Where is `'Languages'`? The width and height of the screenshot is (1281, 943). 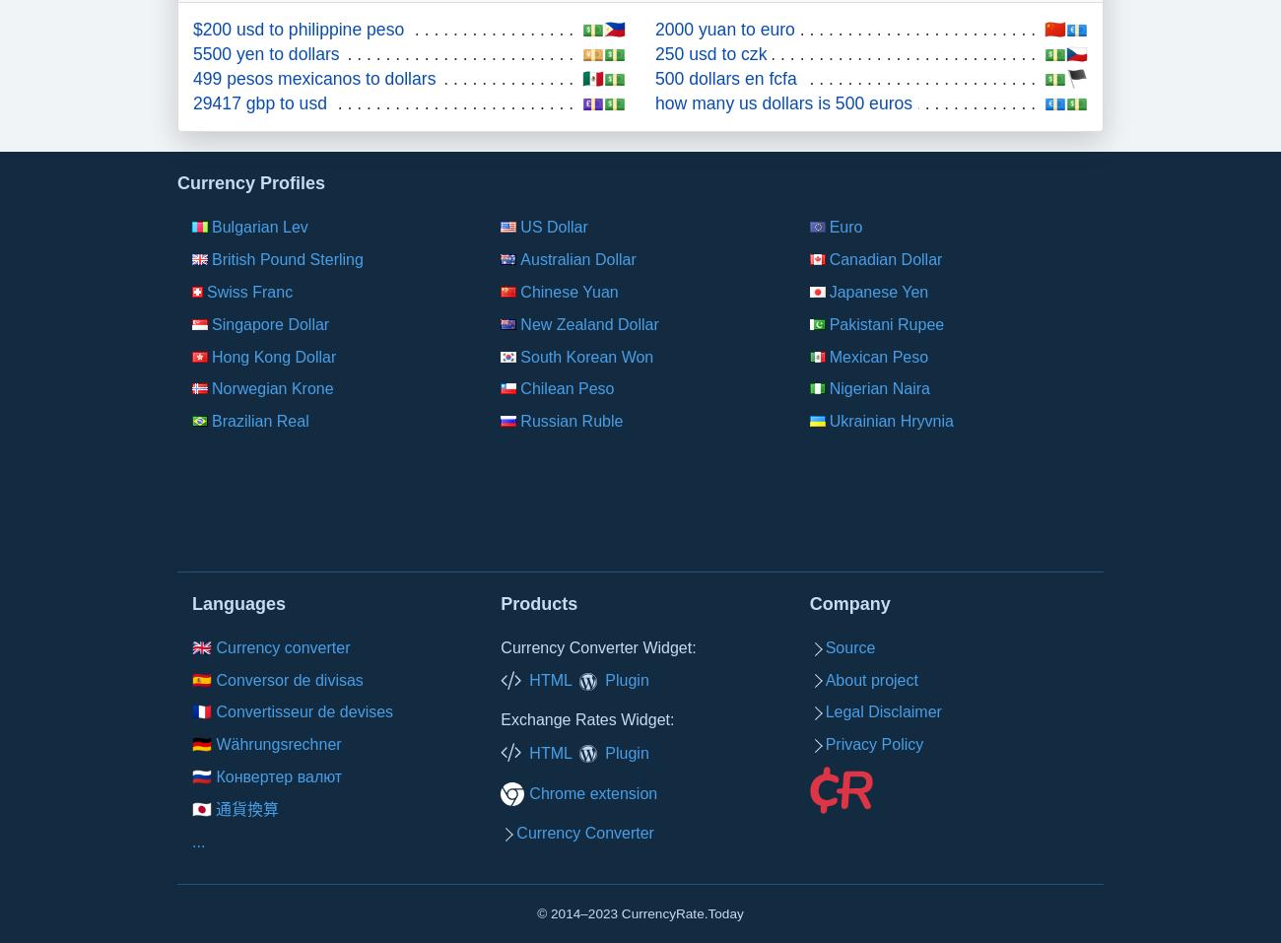
'Languages' is located at coordinates (237, 602).